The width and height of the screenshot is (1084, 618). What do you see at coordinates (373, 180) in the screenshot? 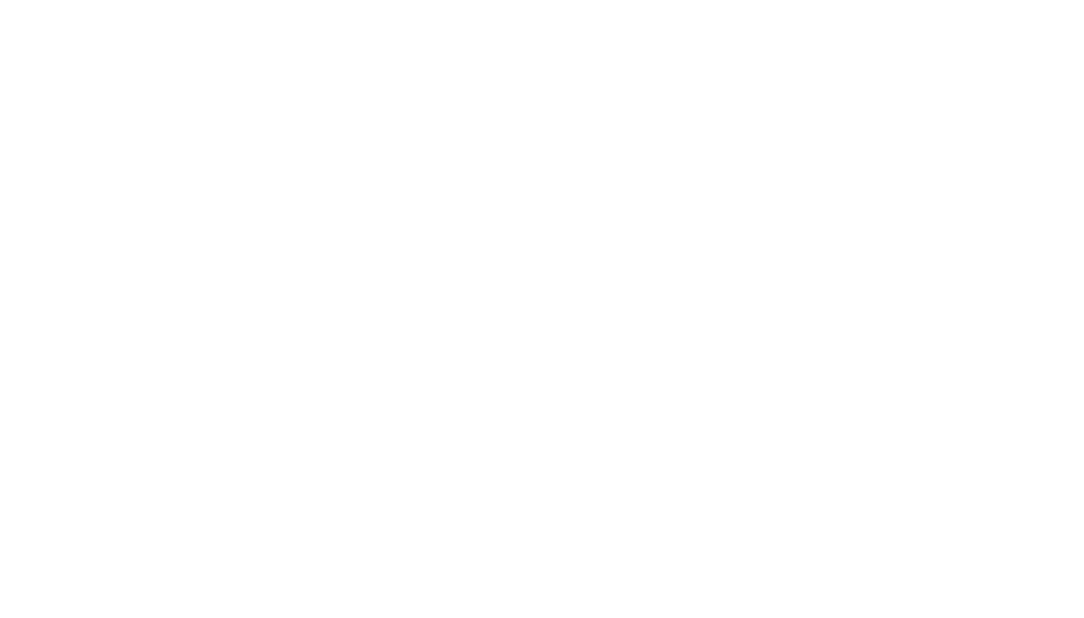
I see `'Shredded Chicken and Cheese  $34.00'` at bounding box center [373, 180].